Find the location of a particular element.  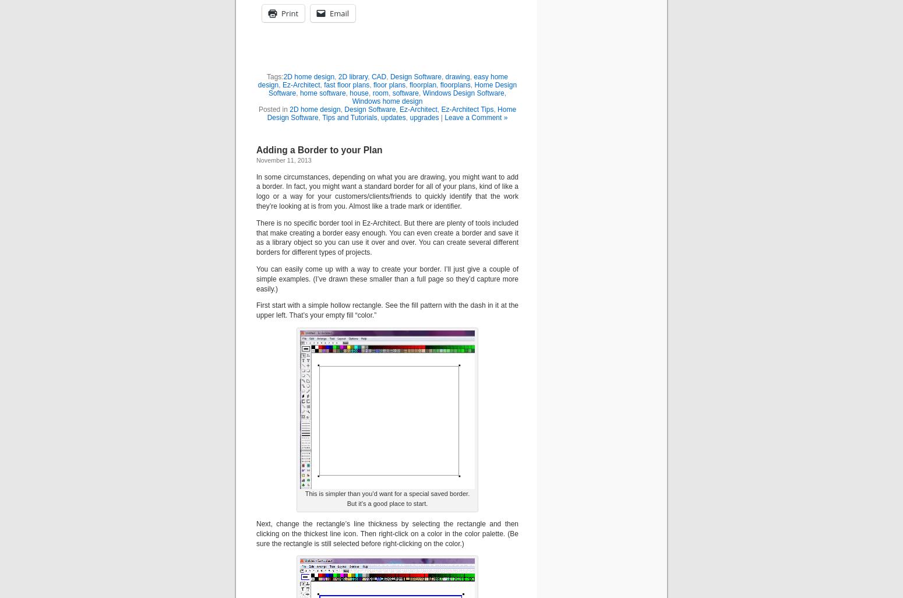

'November 11, 2013' is located at coordinates (256, 159).